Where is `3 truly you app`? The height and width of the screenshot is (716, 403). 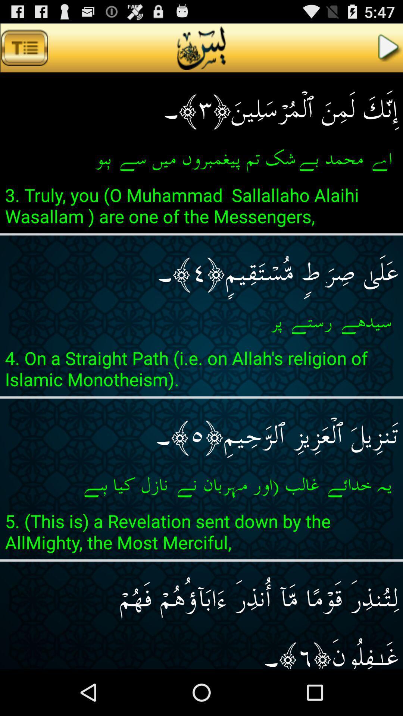 3 truly you app is located at coordinates (201, 208).